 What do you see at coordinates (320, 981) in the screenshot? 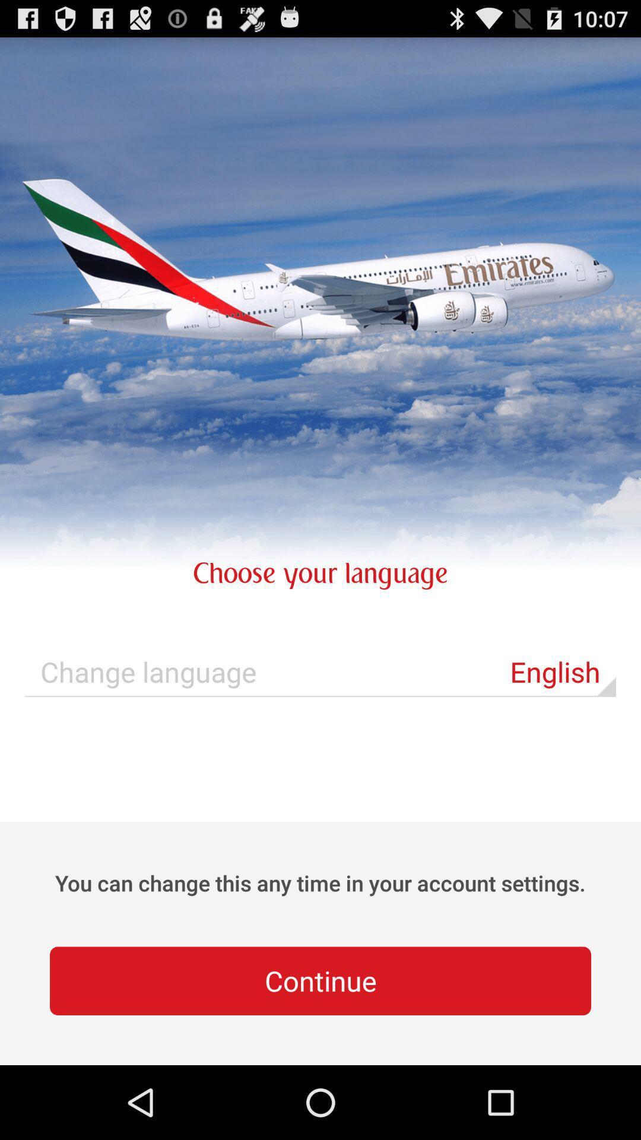
I see `the continue button` at bounding box center [320, 981].